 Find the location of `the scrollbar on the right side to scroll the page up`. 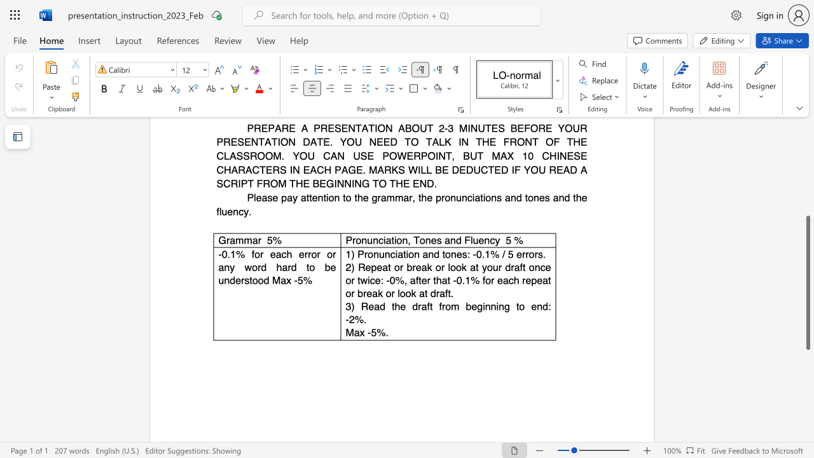

the scrollbar on the right side to scroll the page up is located at coordinates (807, 164).